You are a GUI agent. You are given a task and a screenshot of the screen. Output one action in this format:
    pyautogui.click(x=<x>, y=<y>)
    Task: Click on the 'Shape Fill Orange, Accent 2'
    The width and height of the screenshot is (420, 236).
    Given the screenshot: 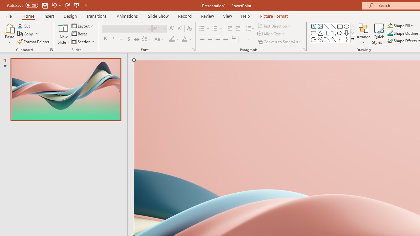 What is the action you would take?
    pyautogui.click(x=390, y=25)
    